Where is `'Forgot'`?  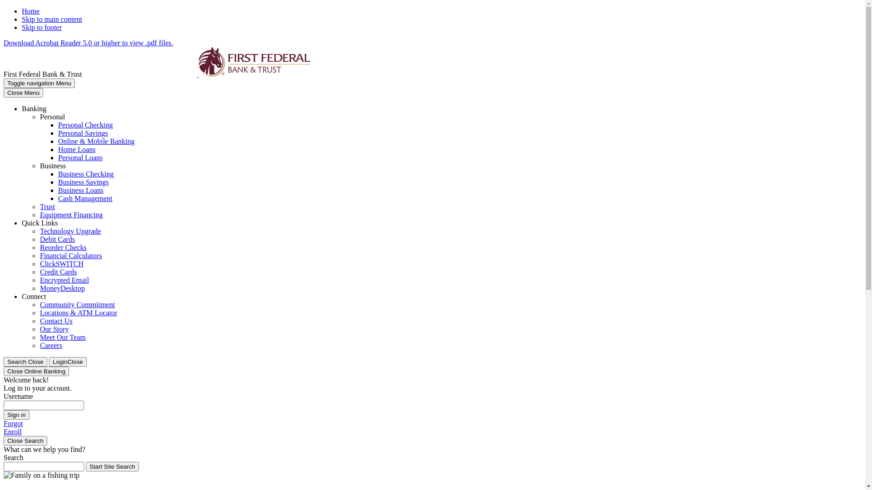
'Forgot' is located at coordinates (13, 423).